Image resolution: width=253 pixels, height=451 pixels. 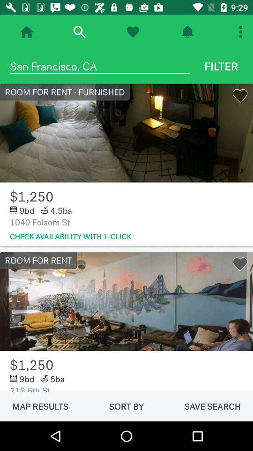 I want to click on click on the heart option at the top of the page, so click(x=132, y=32).